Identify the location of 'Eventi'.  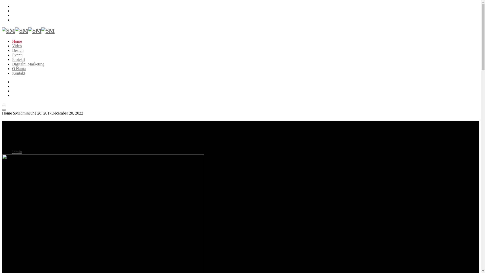
(17, 55).